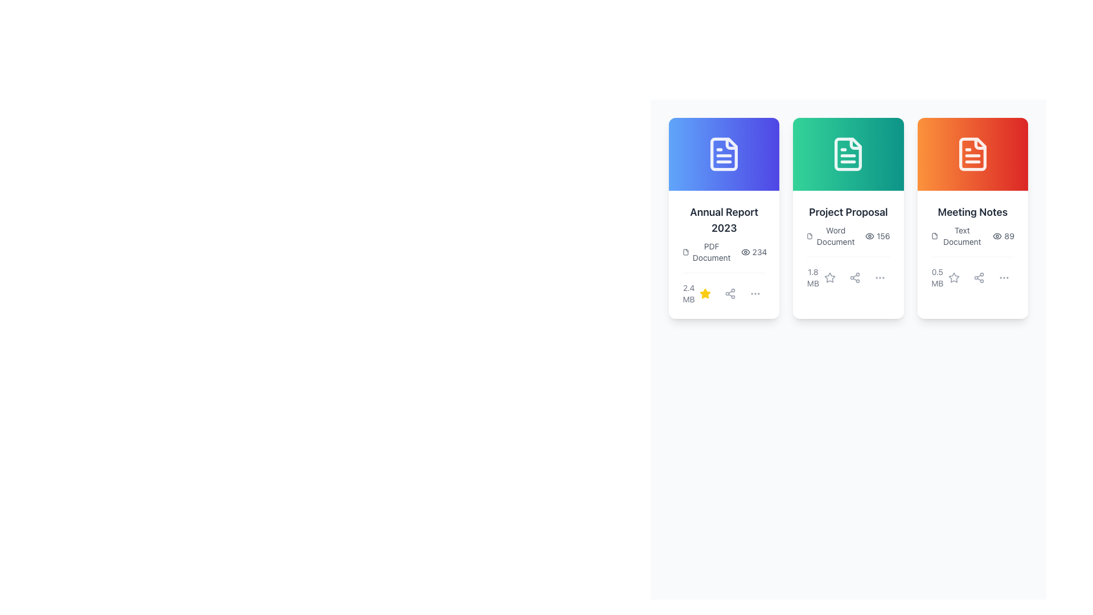 The height and width of the screenshot is (615, 1093). Describe the element at coordinates (934, 236) in the screenshot. I see `the text document icon located at the top-left corner of the third card, immediately to the left of the 'Text Document' label` at that location.